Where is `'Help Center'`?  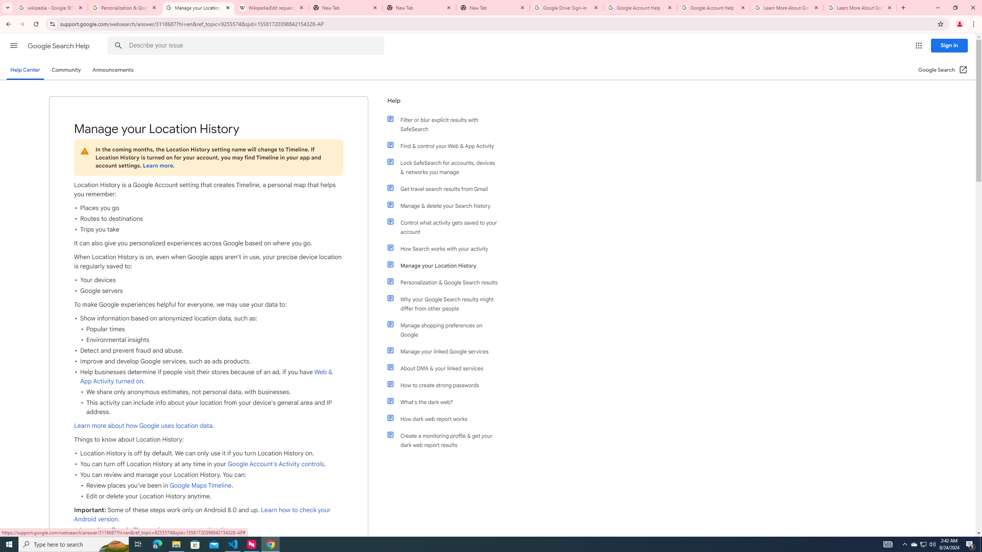 'Help Center' is located at coordinates (25, 69).